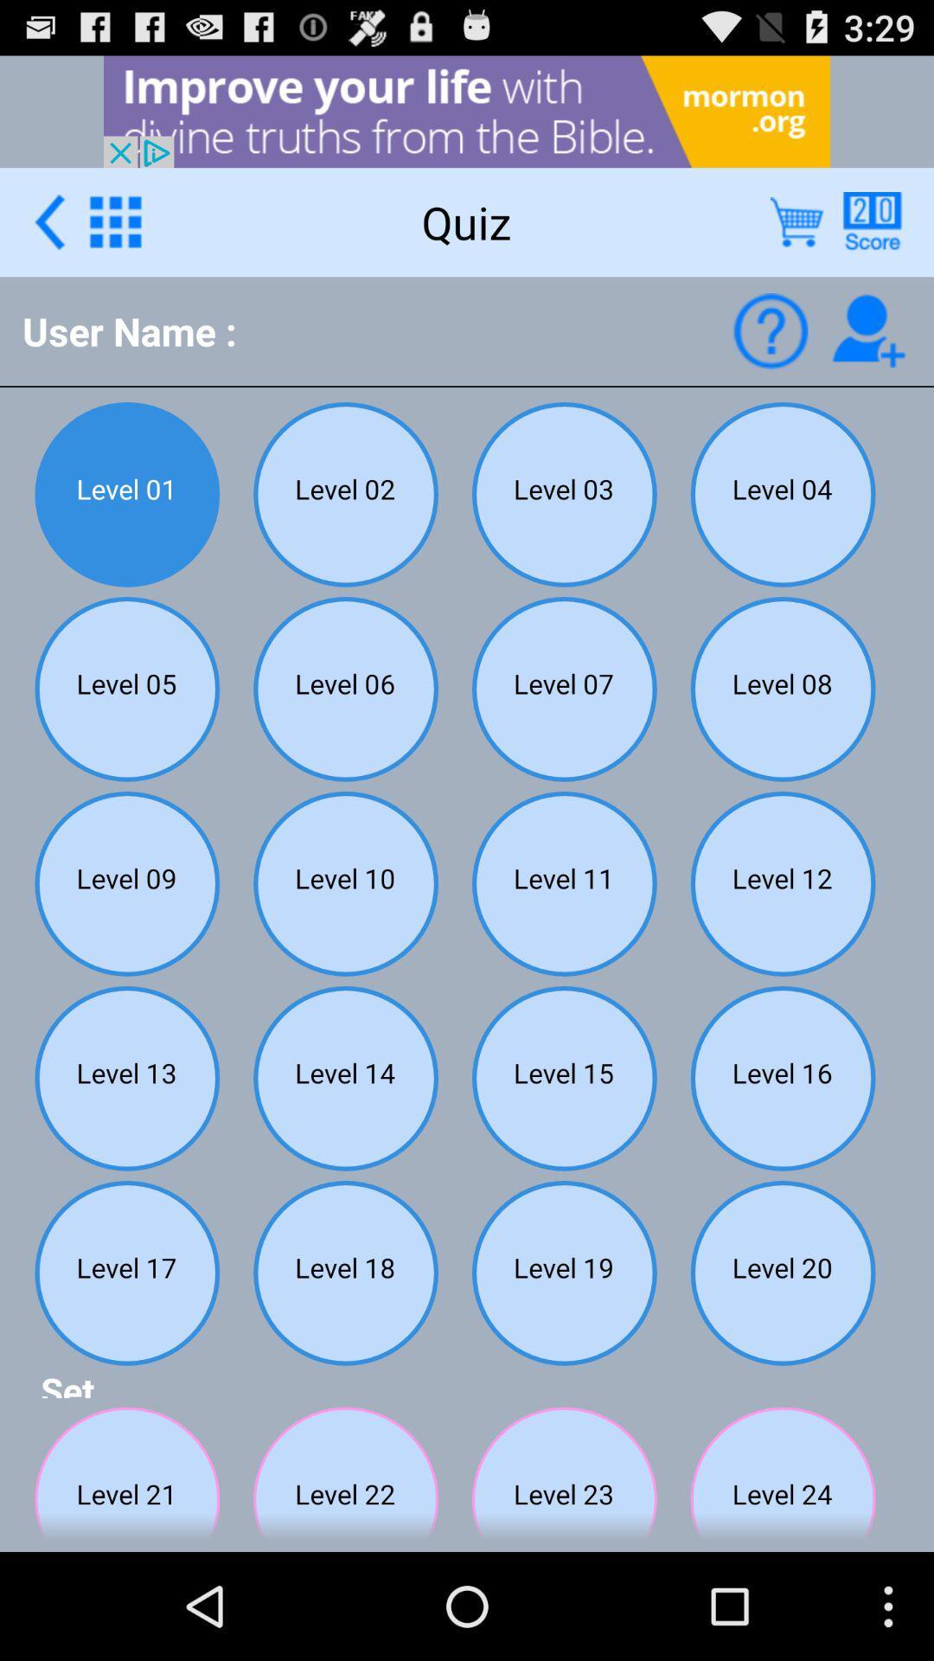 The height and width of the screenshot is (1661, 934). What do you see at coordinates (48, 236) in the screenshot?
I see `the arrow_backward icon` at bounding box center [48, 236].